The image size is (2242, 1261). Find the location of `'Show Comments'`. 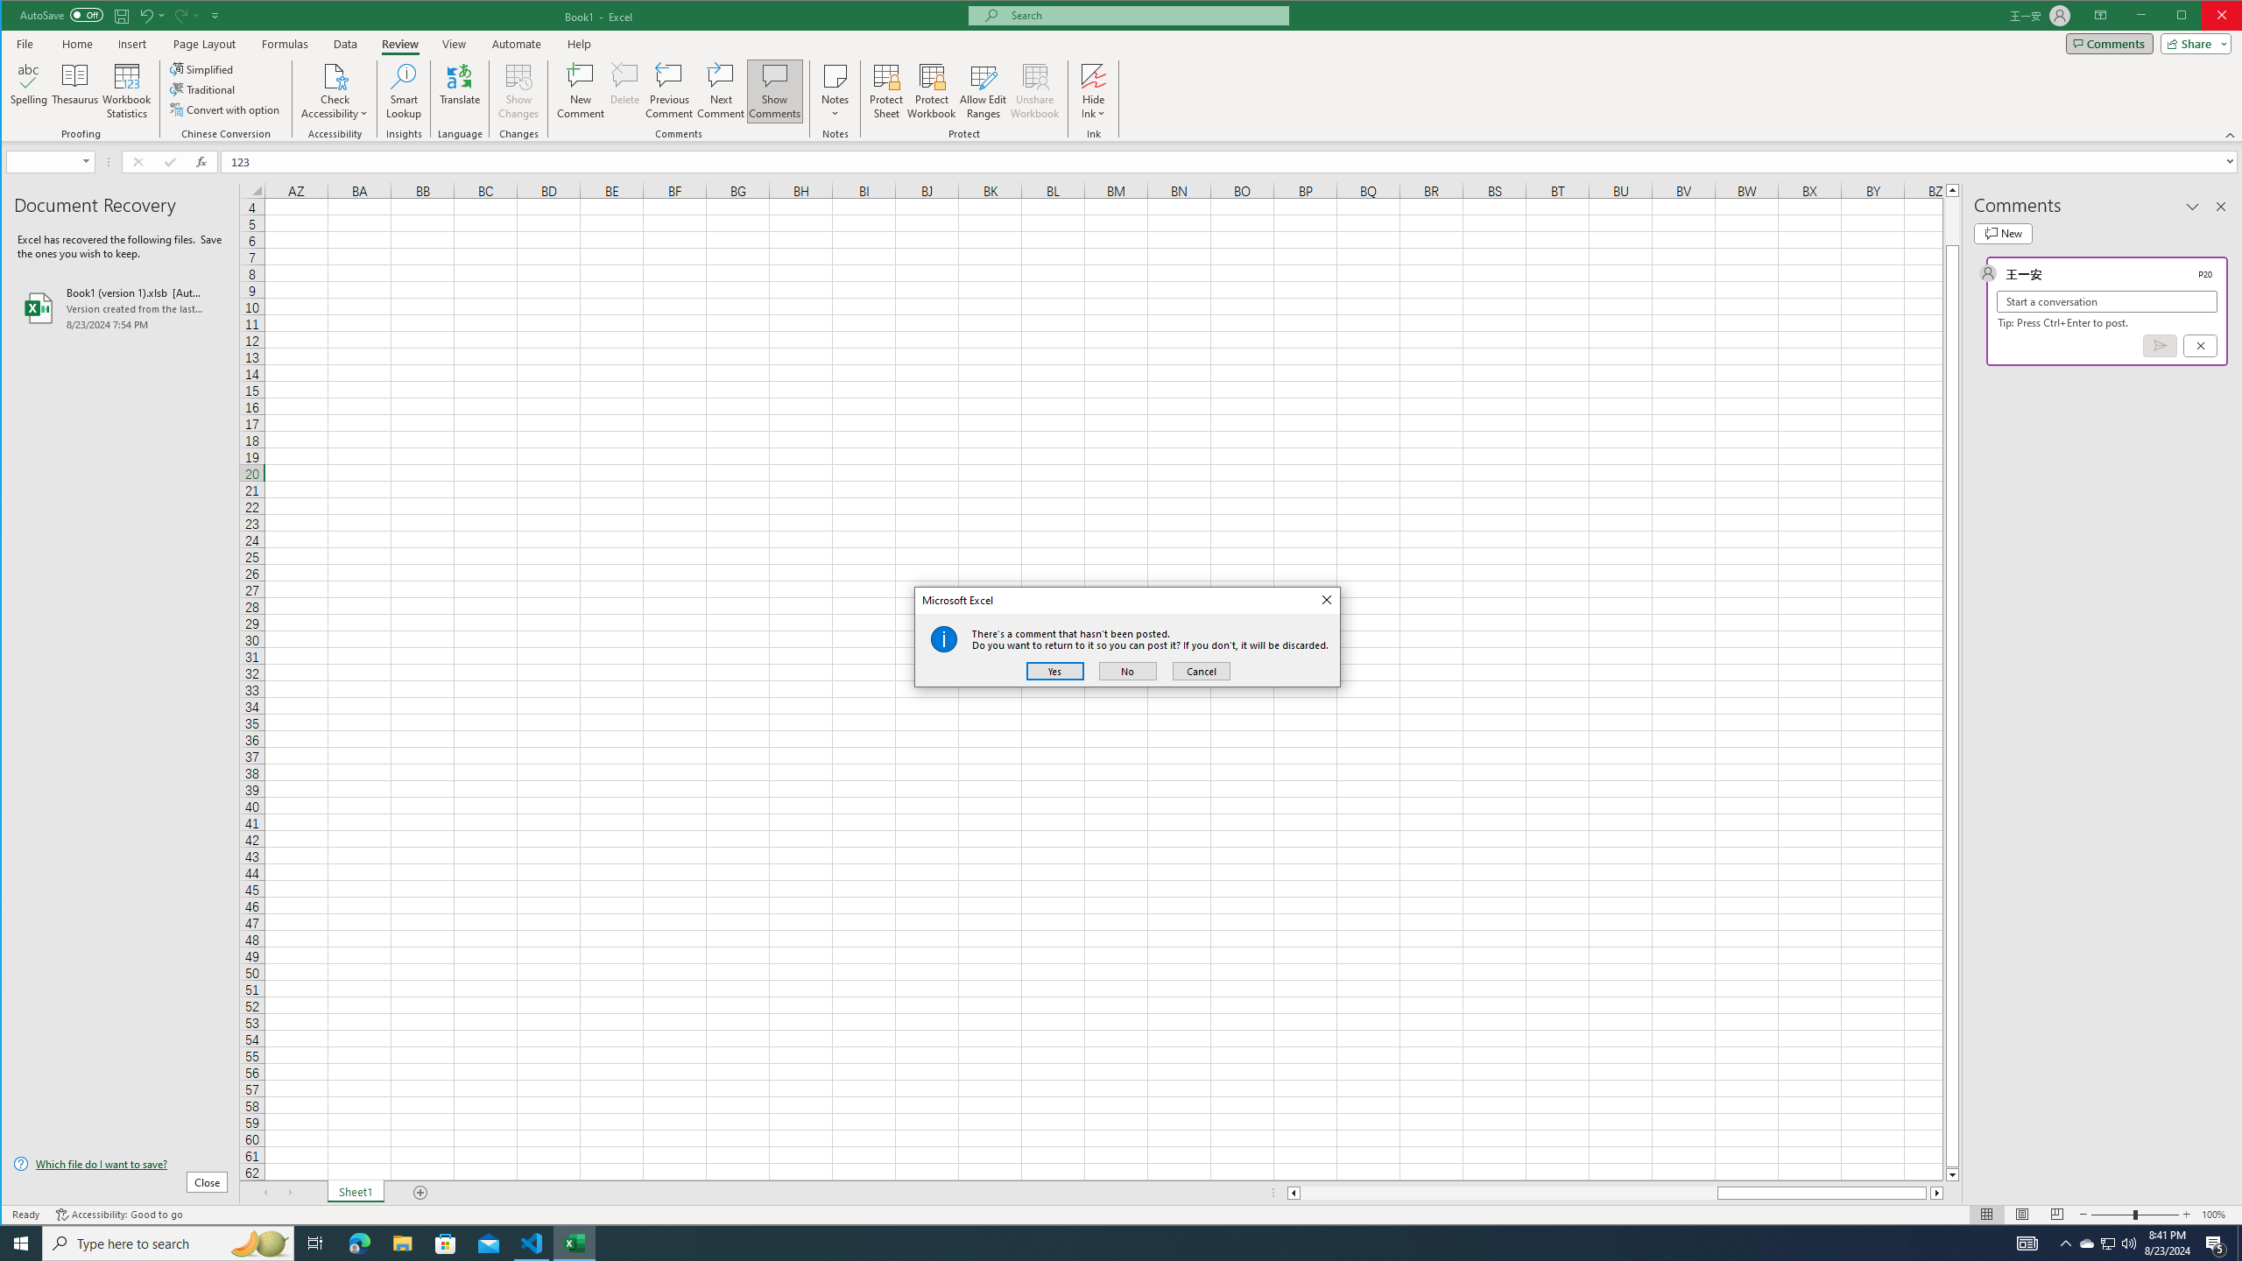

'Show Comments' is located at coordinates (774, 90).